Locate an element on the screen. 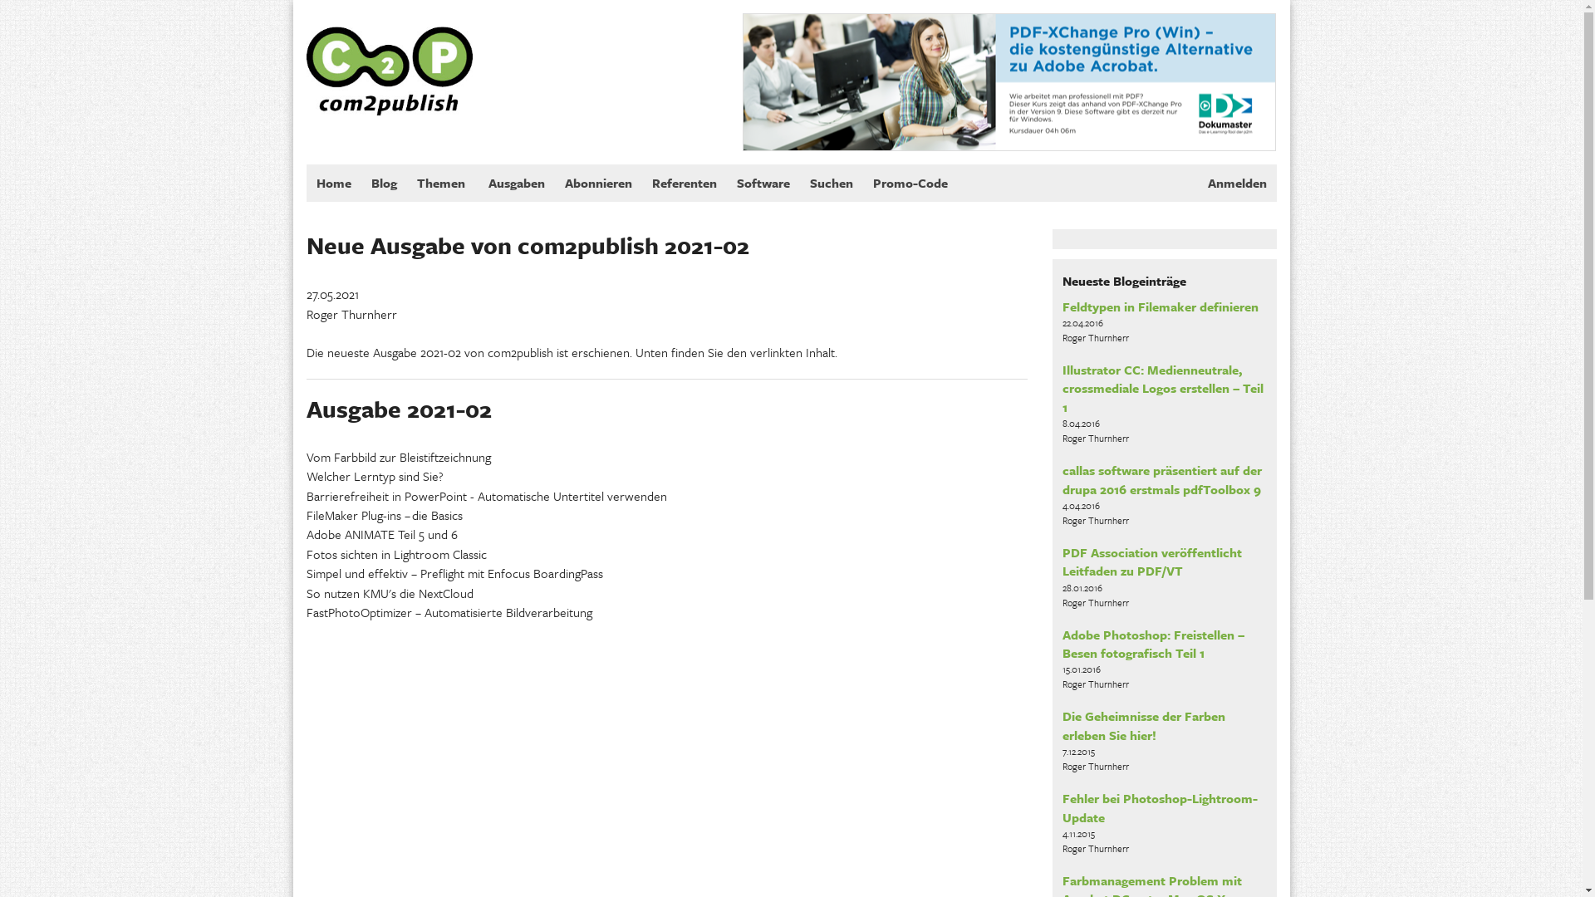 This screenshot has height=897, width=1595. 'Anmelden' is located at coordinates (1237, 183).